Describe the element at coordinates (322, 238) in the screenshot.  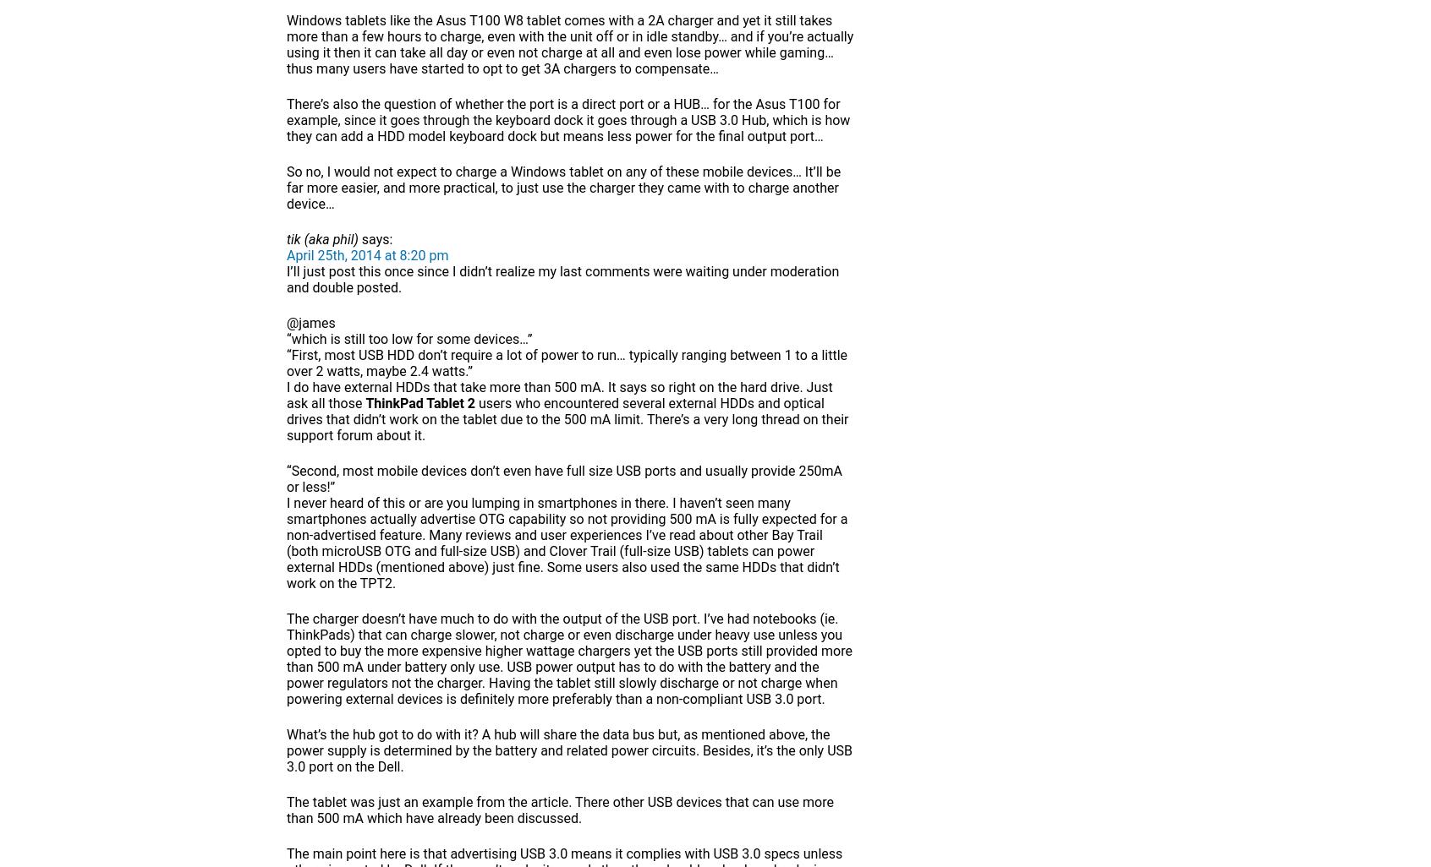
I see `'tik (aka phil)'` at that location.